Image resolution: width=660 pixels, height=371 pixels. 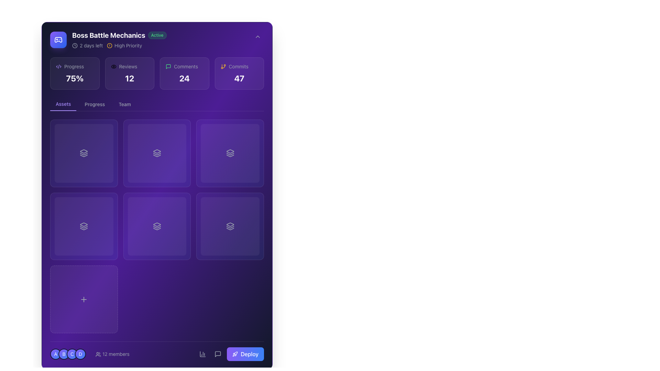 I want to click on the icon representing a feature or option related to layered content, located in the middle-right cell of a 3x3 grid, specifically the fourth icon from the left, so click(x=230, y=153).